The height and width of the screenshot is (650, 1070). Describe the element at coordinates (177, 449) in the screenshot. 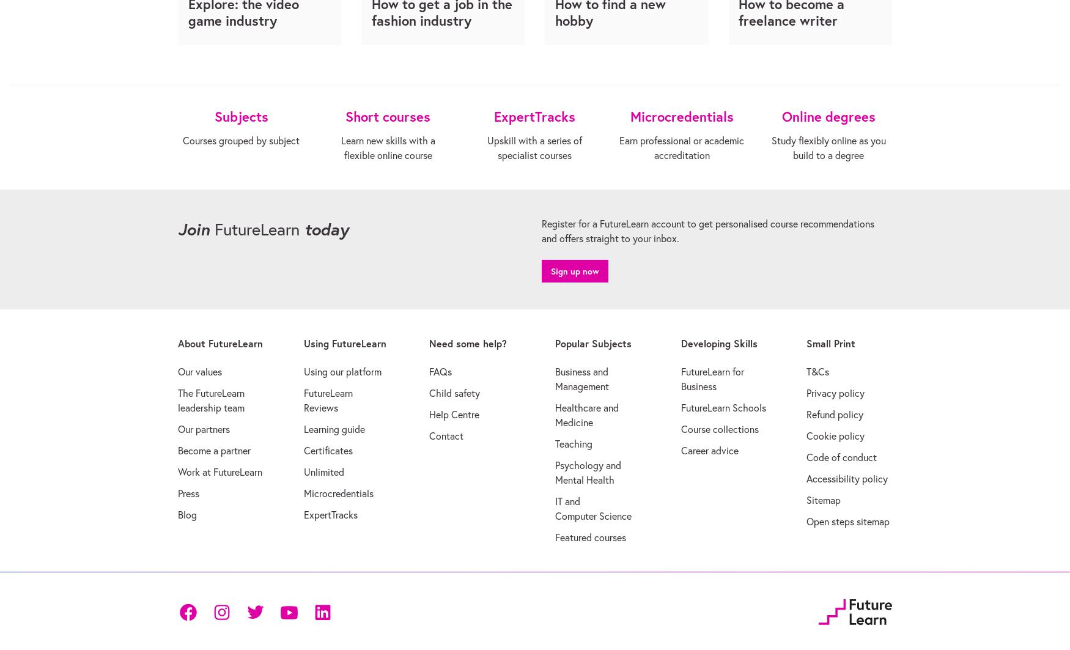

I see `'Become a partner'` at that location.